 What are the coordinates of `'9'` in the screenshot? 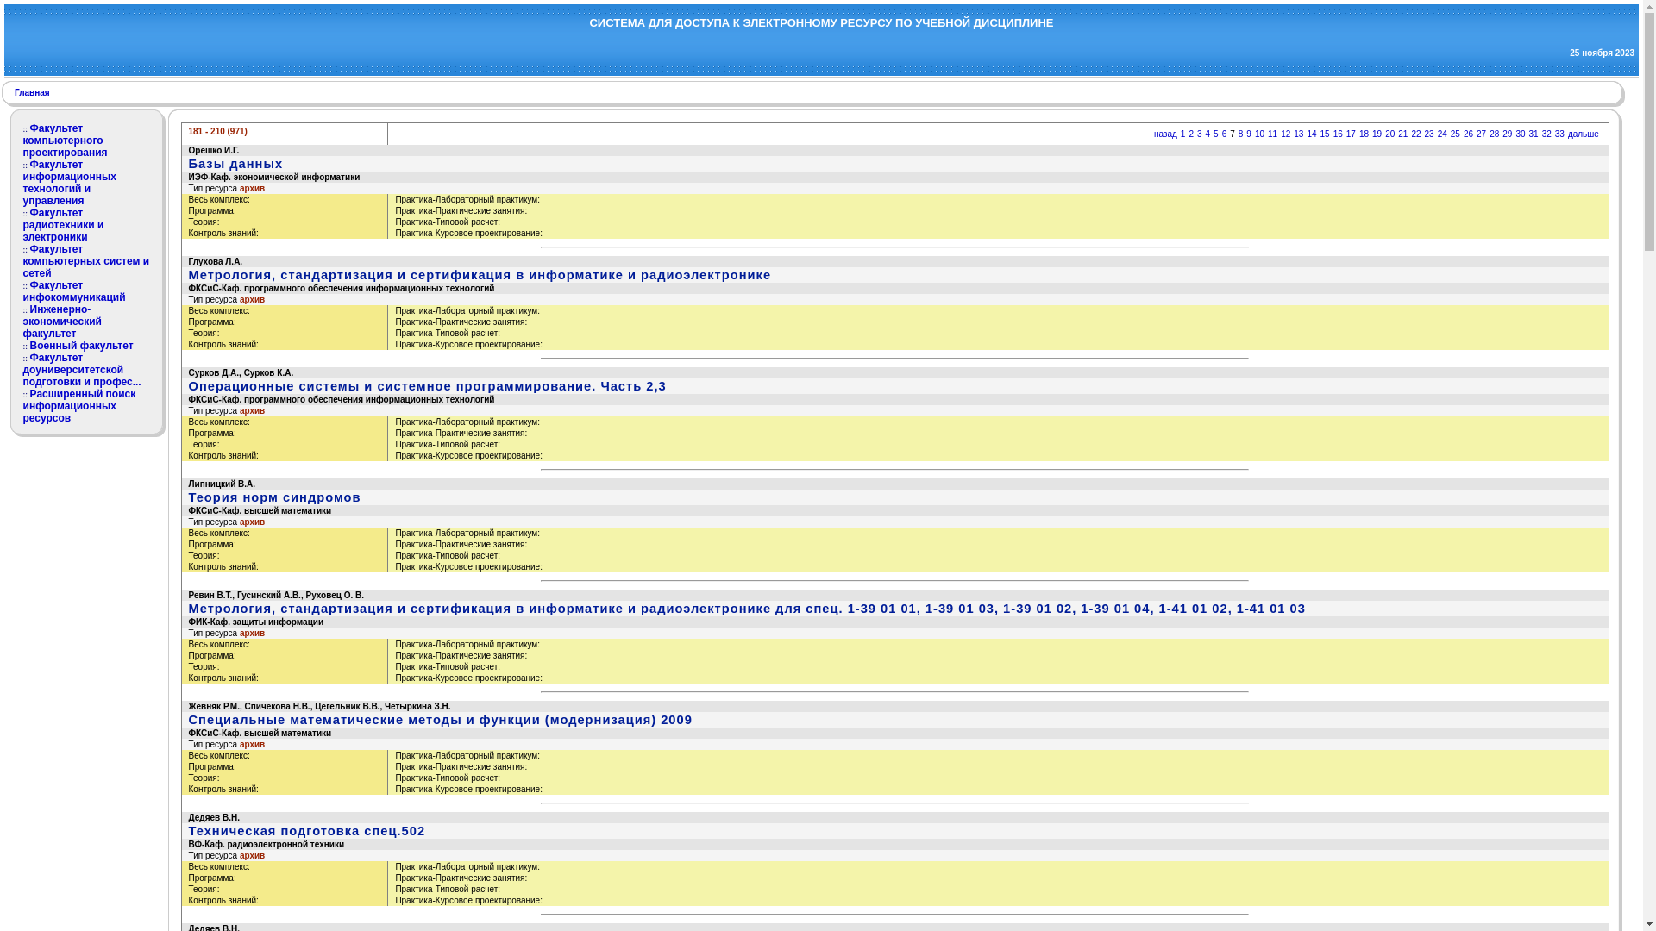 It's located at (1245, 133).